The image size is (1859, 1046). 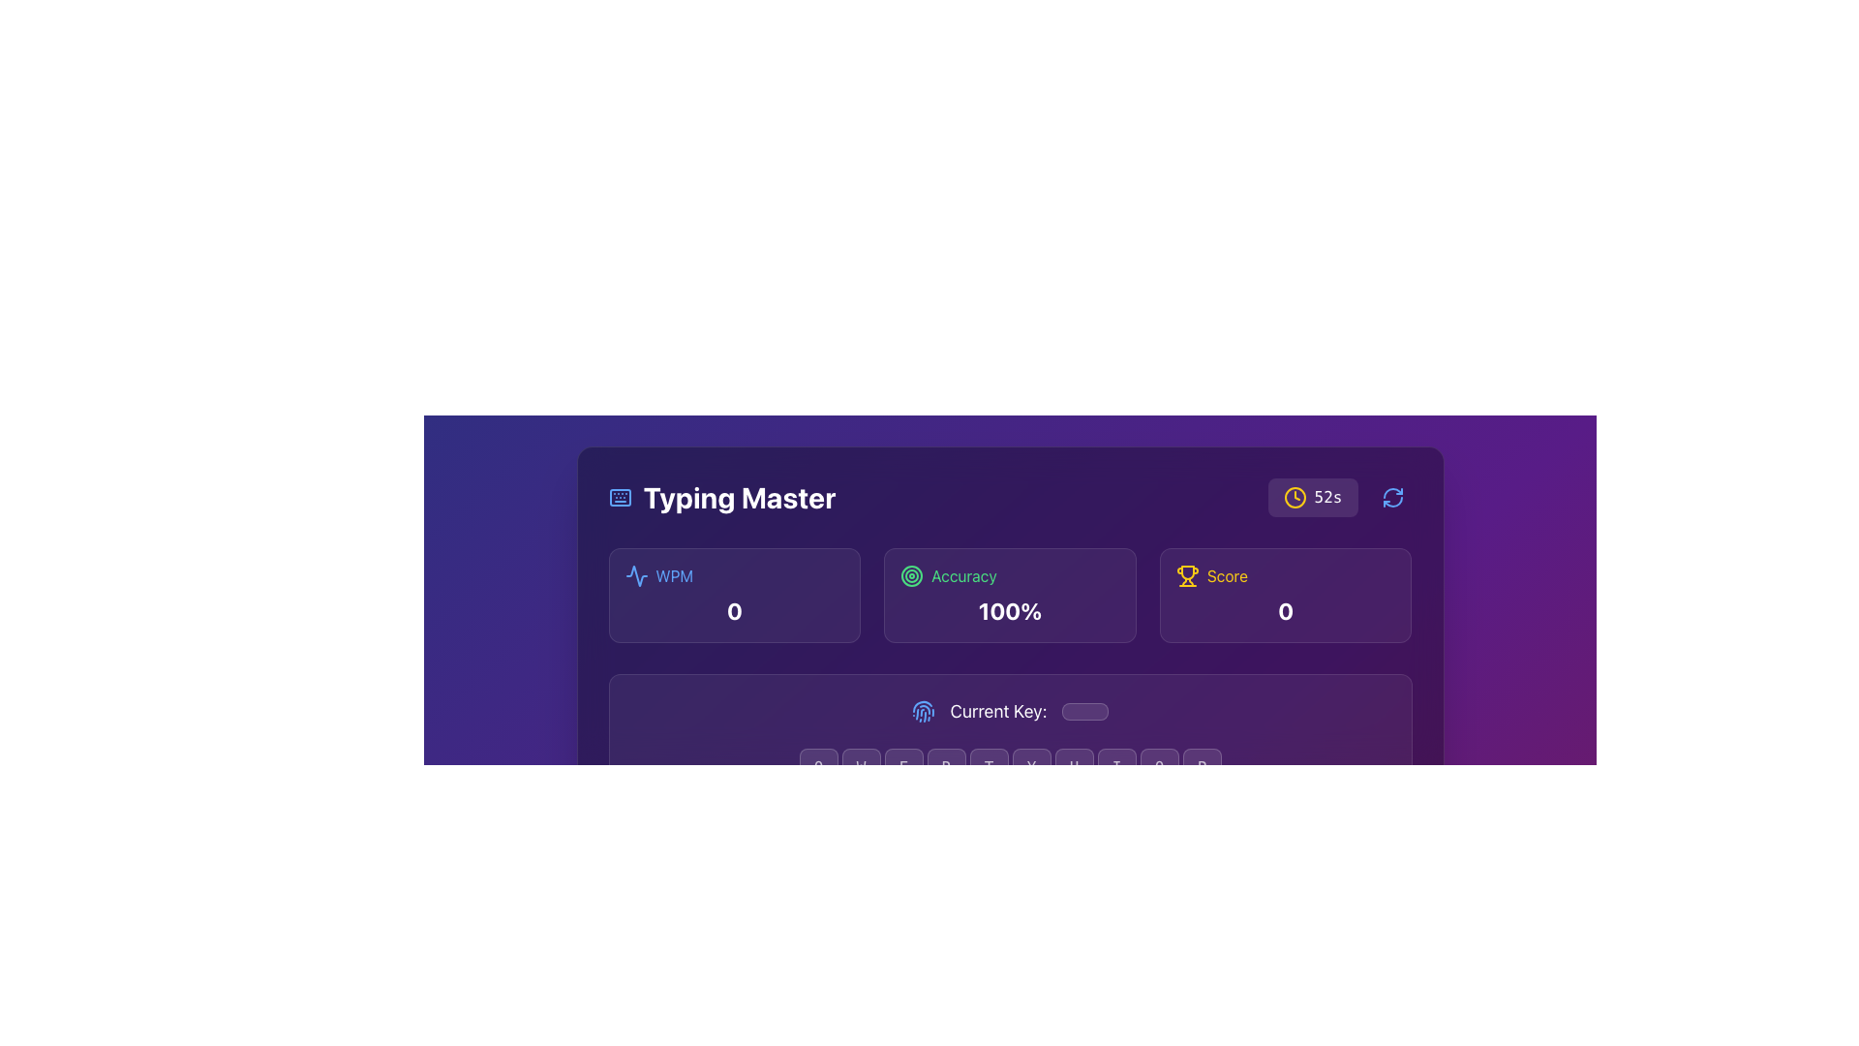 What do you see at coordinates (1295, 496) in the screenshot?
I see `the circular clock icon with yellow borders located to the left of the text '56s' in the top-right corner of the interface` at bounding box center [1295, 496].